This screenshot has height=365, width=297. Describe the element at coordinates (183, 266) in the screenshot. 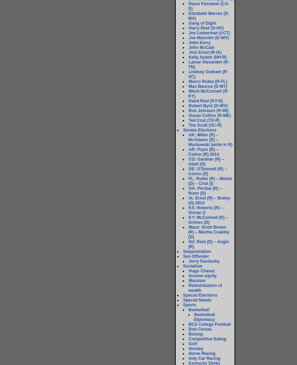

I see `'Socialism'` at that location.